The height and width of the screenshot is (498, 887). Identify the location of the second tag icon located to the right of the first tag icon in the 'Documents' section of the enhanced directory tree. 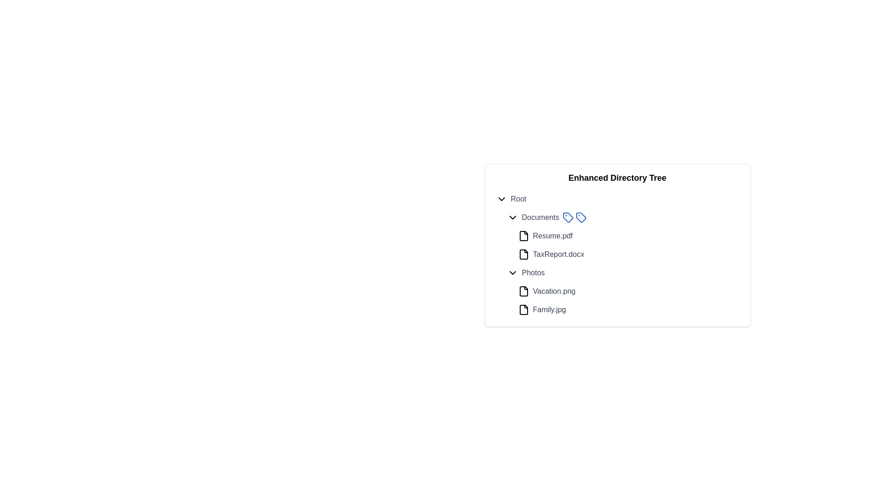
(575, 217).